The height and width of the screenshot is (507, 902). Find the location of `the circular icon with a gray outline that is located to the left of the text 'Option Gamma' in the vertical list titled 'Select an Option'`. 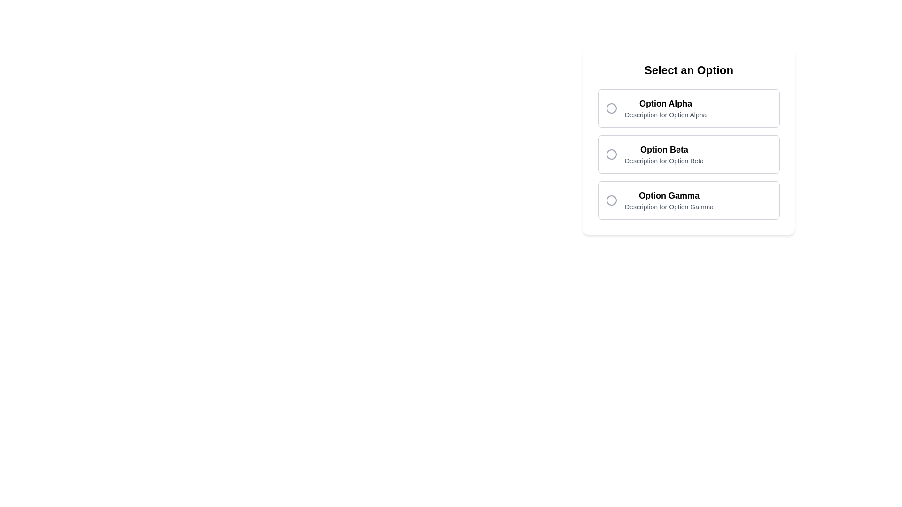

the circular icon with a gray outline that is located to the left of the text 'Option Gamma' in the vertical list titled 'Select an Option' is located at coordinates (611, 200).